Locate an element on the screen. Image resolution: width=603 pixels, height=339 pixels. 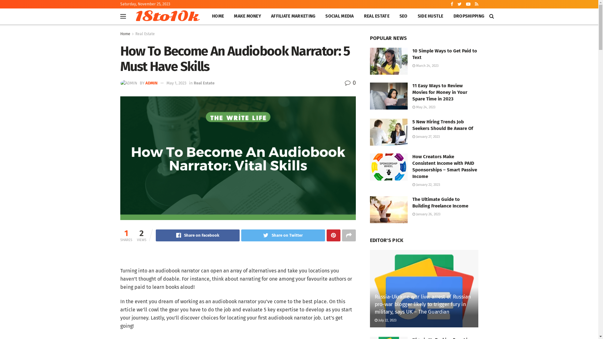
'SIDE HUSTLE' is located at coordinates (430, 16).